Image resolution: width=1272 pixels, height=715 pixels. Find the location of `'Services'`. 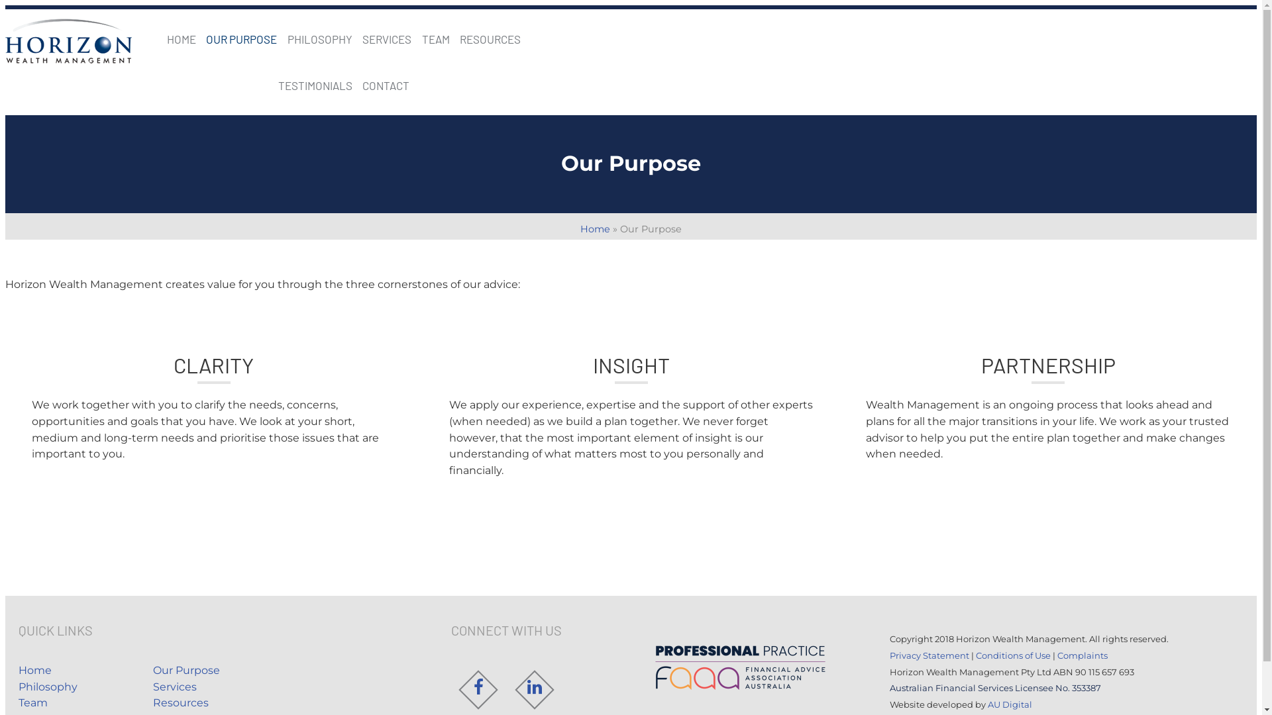

'Services' is located at coordinates (174, 686).